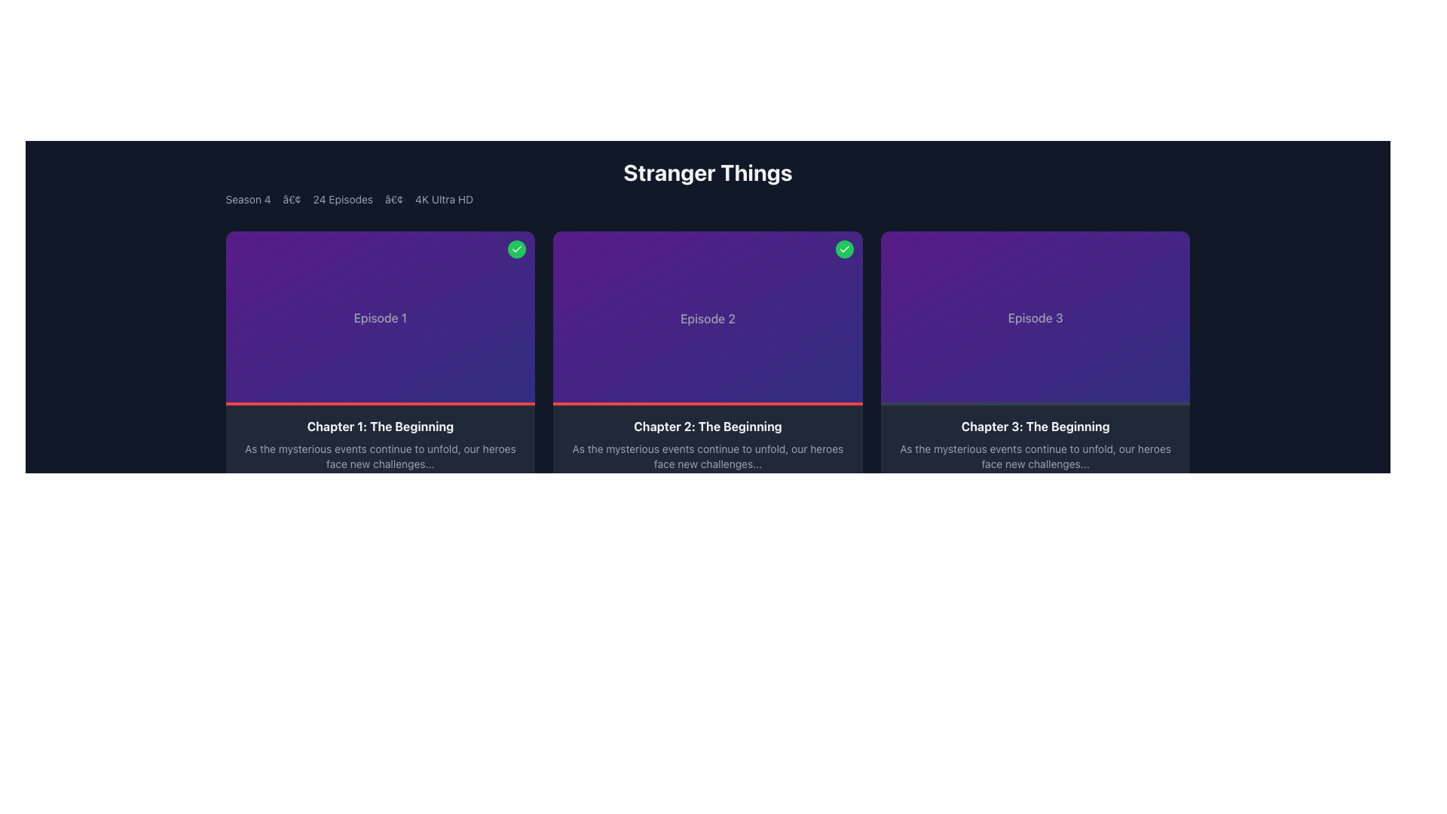 The width and height of the screenshot is (1447, 814). I want to click on the text label displaying 'Episode 3', which is styled in light gray on a solid purple background, so click(1034, 317).